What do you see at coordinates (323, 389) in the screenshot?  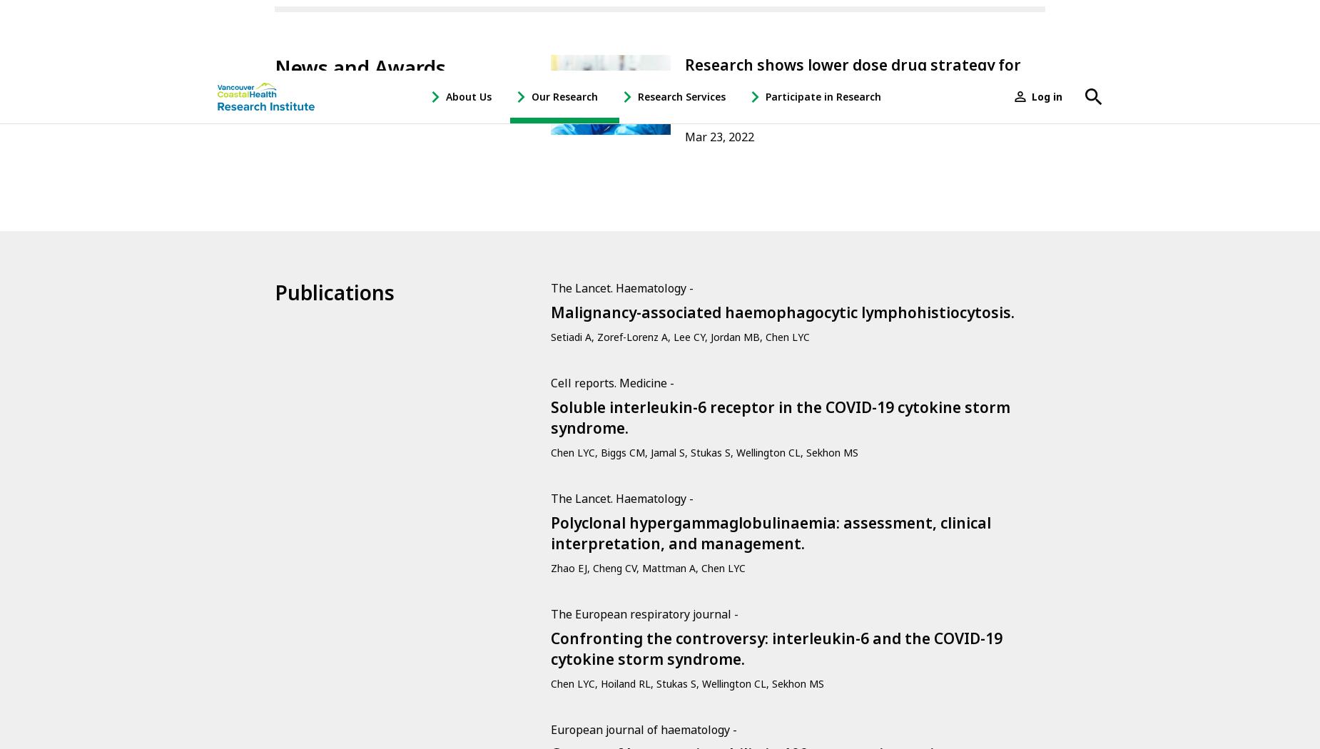 I see `'Get updates!'` at bounding box center [323, 389].